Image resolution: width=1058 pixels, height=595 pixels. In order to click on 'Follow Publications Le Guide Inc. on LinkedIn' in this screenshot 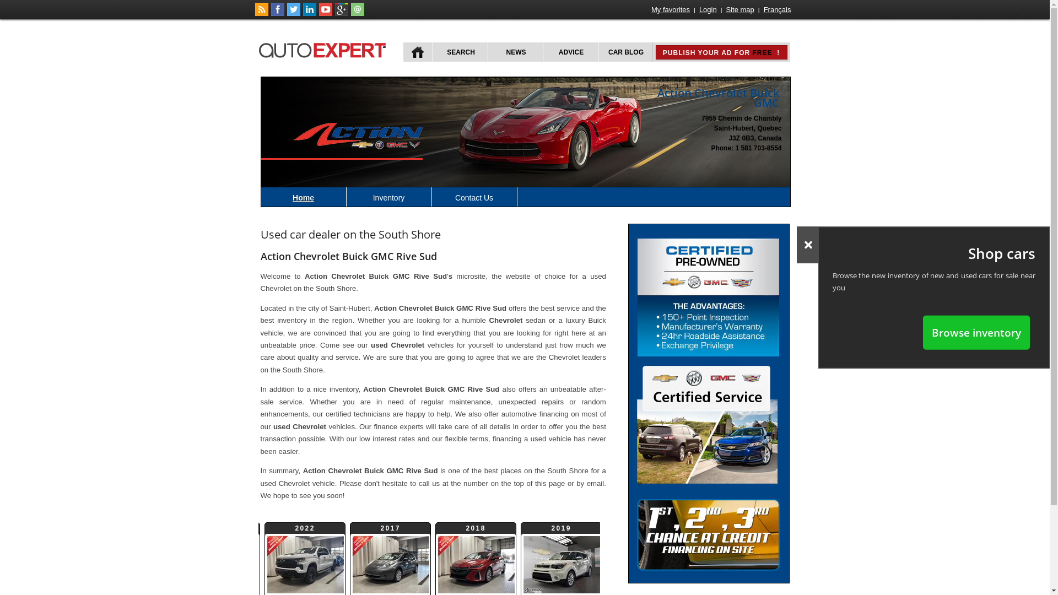, I will do `click(309, 13)`.